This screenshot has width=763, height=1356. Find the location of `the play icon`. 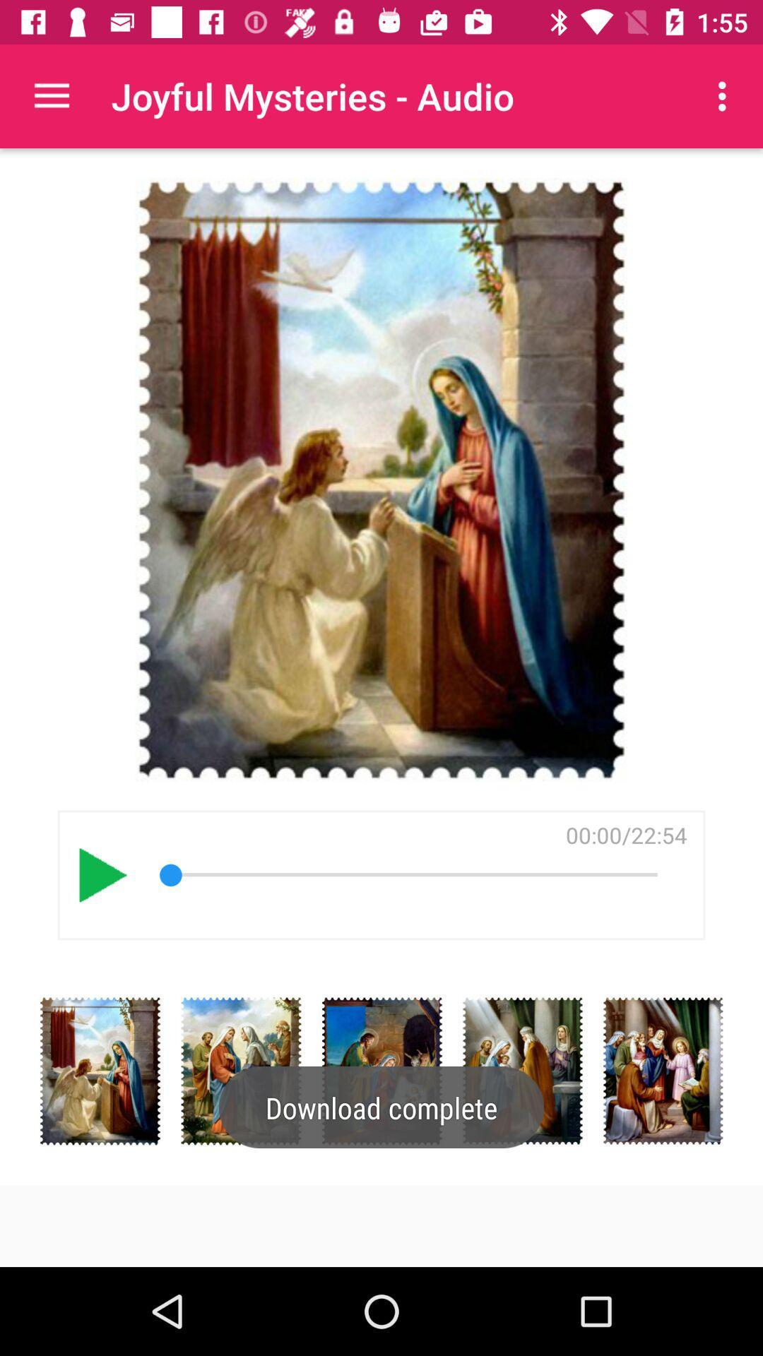

the play icon is located at coordinates (102, 874).